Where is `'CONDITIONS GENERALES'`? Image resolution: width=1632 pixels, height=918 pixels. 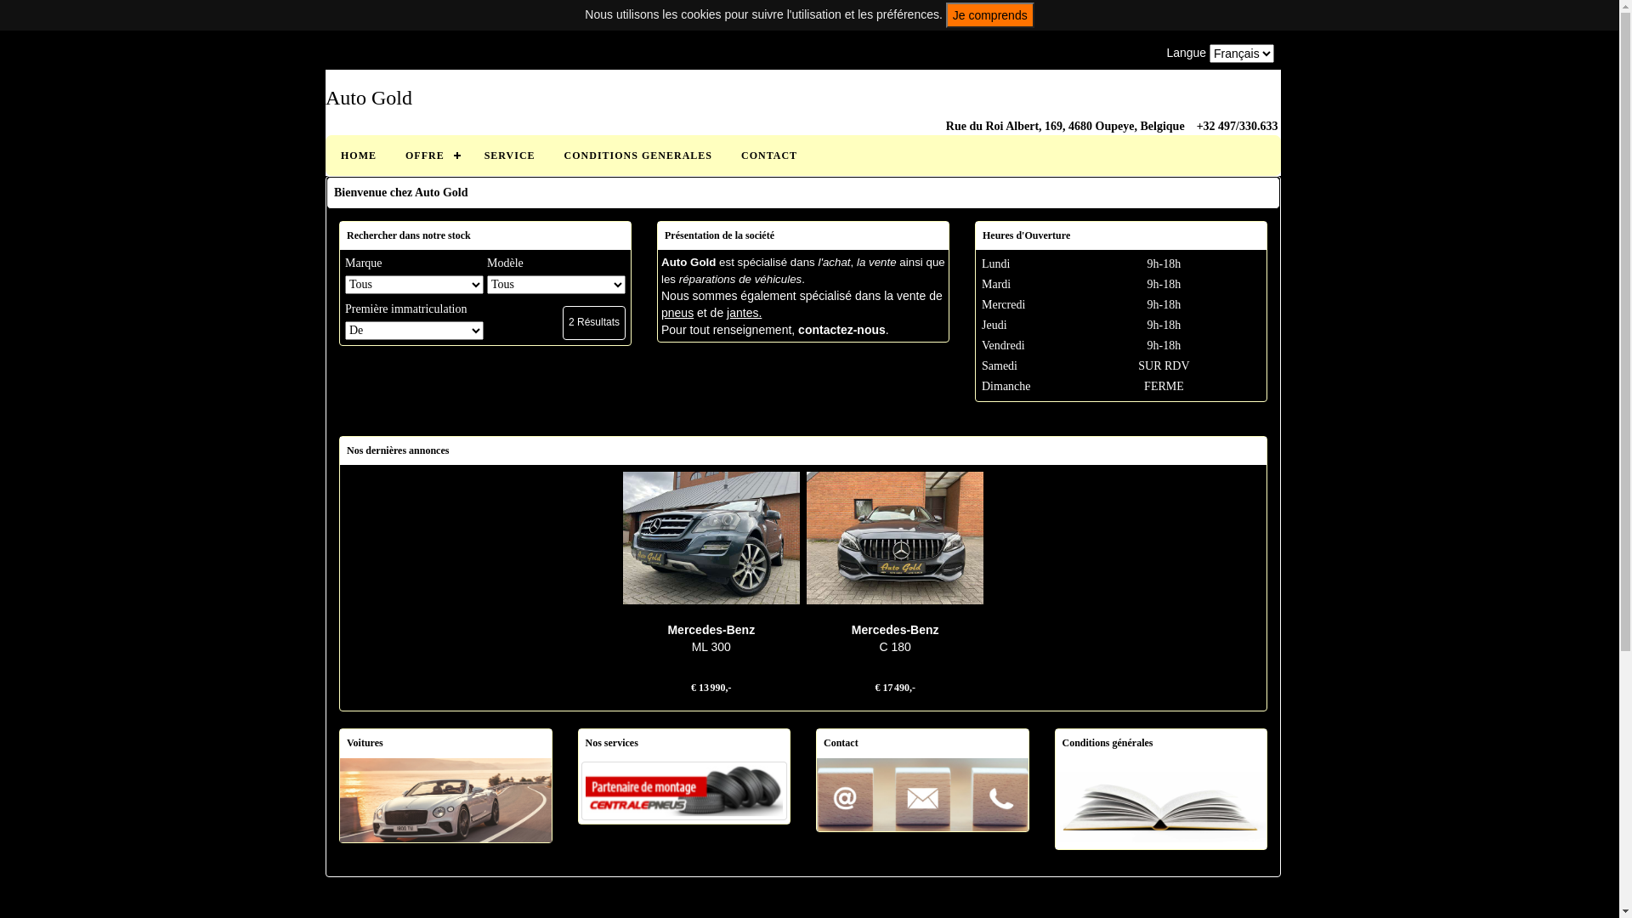 'CONDITIONS GENERALES' is located at coordinates (637, 155).